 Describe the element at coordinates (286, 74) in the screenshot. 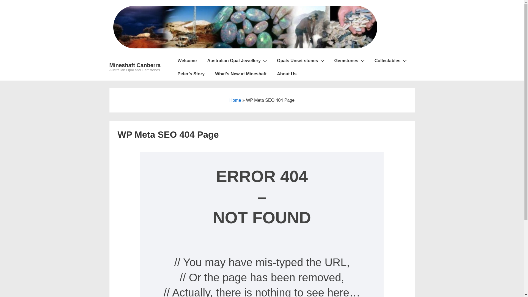

I see `'About Us'` at that location.